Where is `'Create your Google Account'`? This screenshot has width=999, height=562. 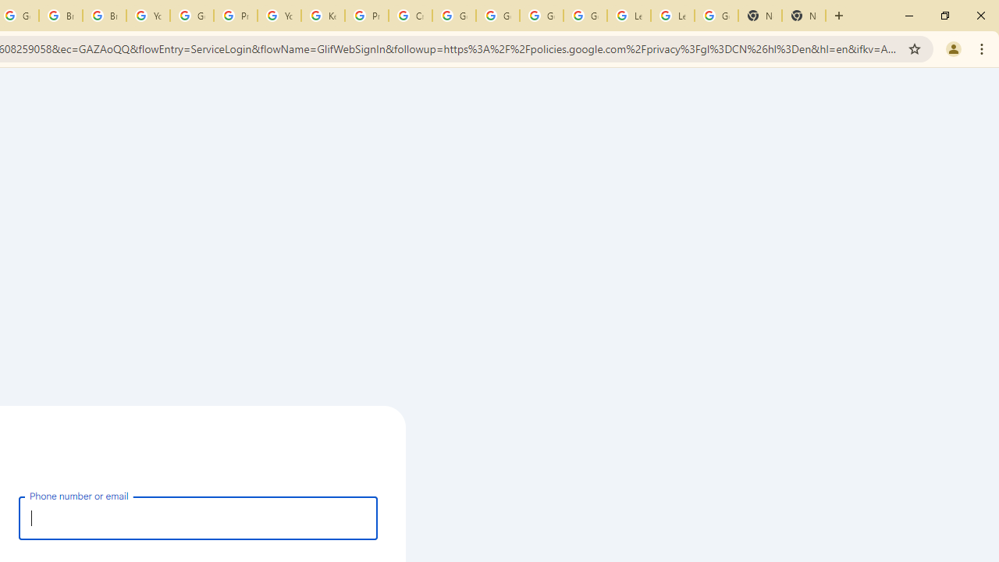
'Create your Google Account' is located at coordinates (411, 16).